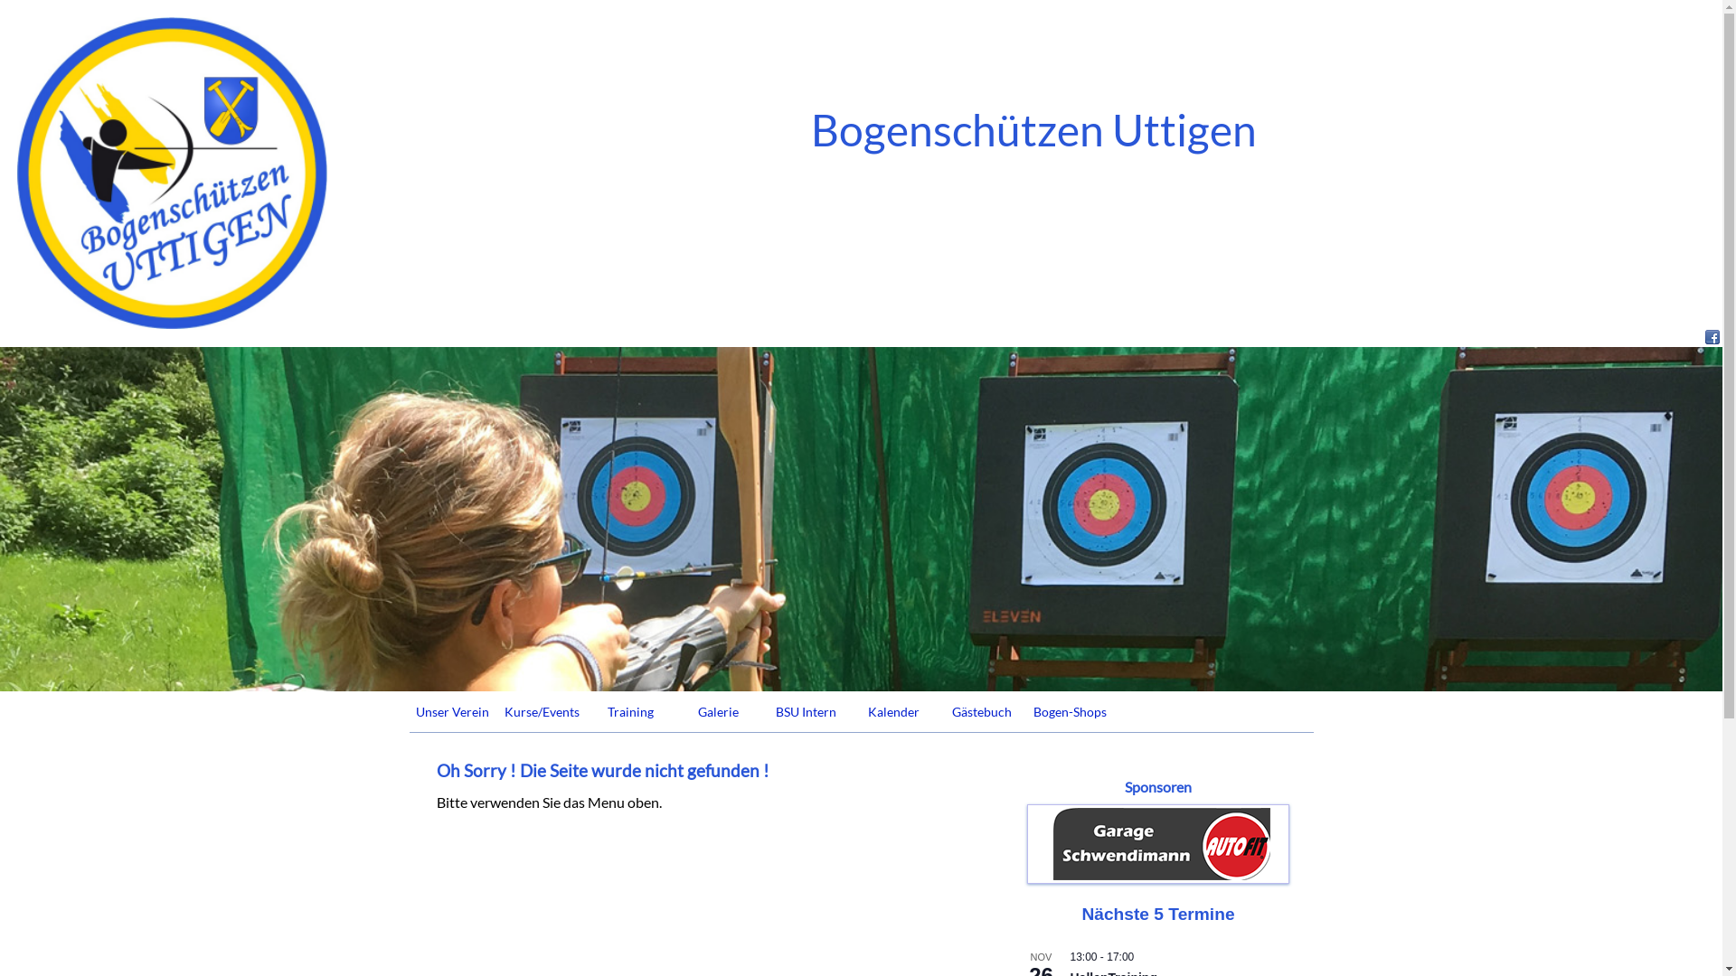 The height and width of the screenshot is (976, 1736). What do you see at coordinates (1712, 338) in the screenshot?
I see `'Besuchen Sie unsere Facebook Seite'` at bounding box center [1712, 338].